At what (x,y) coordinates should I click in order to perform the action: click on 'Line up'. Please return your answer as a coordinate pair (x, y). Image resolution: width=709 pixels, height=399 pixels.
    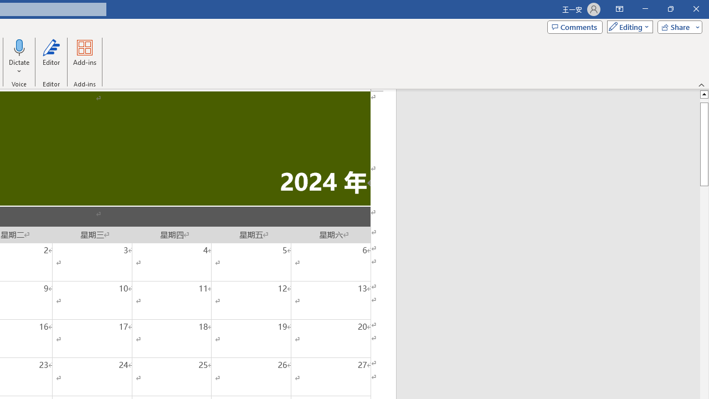
    Looking at the image, I should click on (703, 93).